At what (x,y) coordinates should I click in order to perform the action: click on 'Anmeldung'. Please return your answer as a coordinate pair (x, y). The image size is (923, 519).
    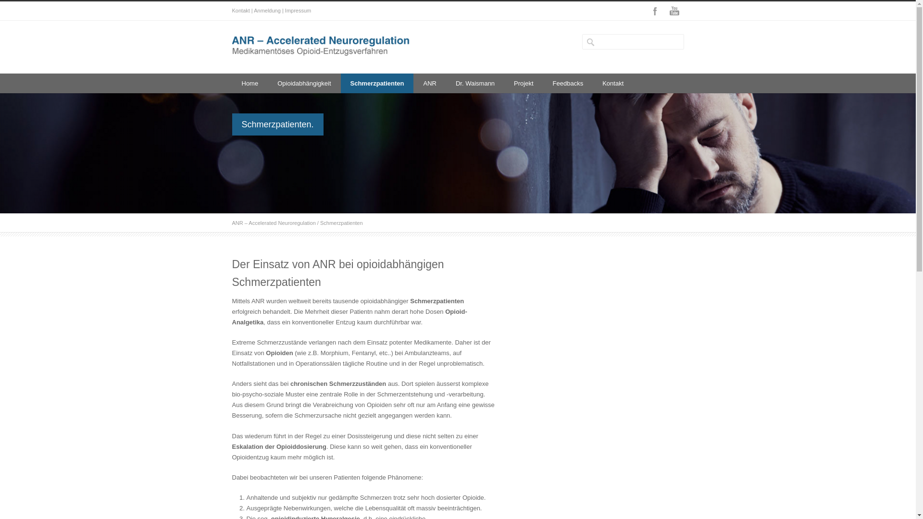
    Looking at the image, I should click on (254, 11).